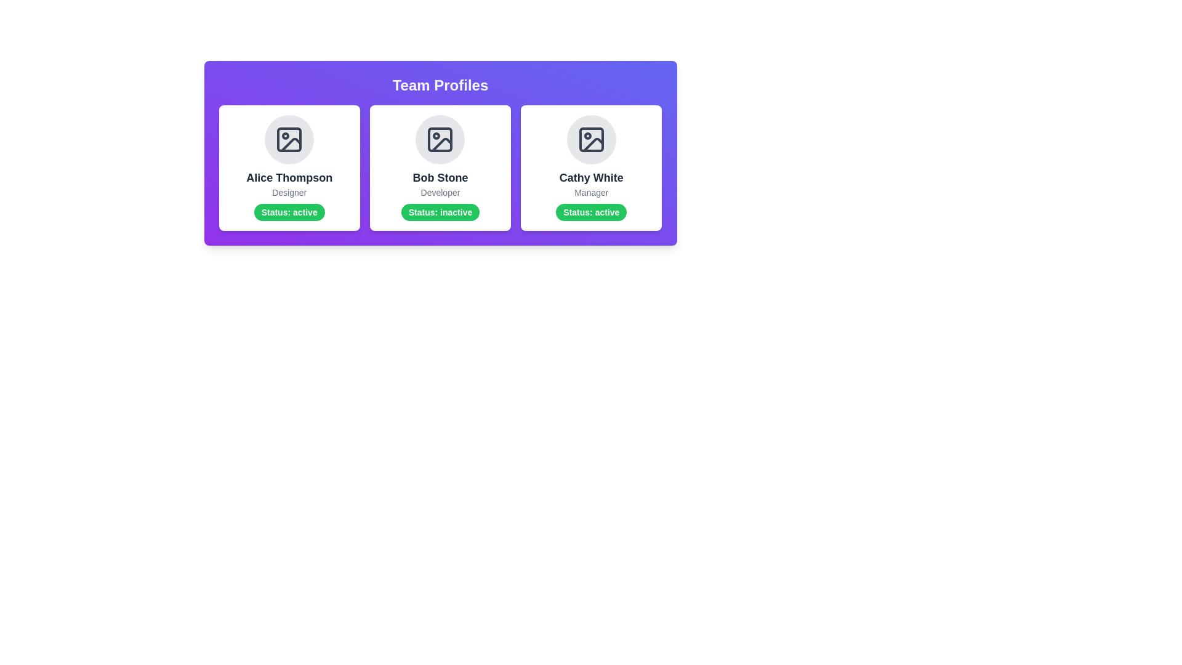  I want to click on the minimalist image icon representing mountains and a sun or moon, located in the gray circular avatar at the top of Cathy White's user card, so click(591, 139).